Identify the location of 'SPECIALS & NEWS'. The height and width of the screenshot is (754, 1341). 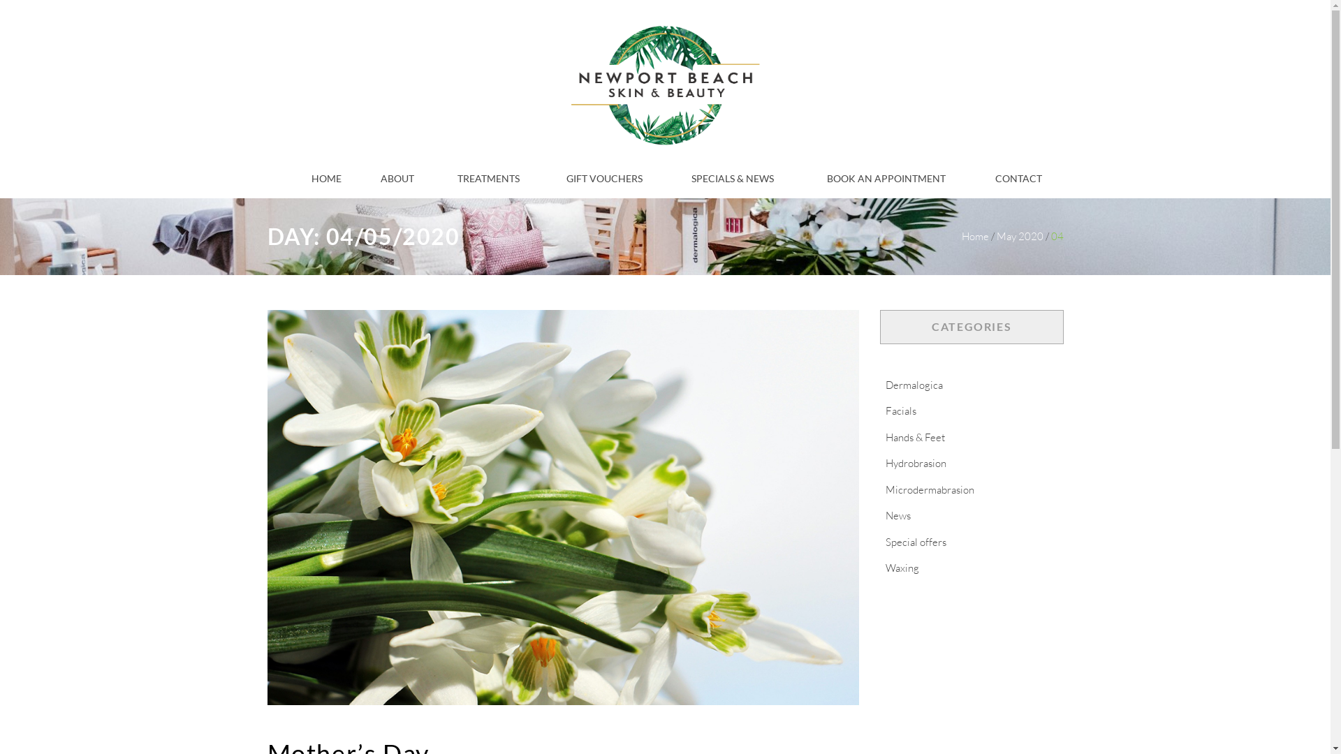
(691, 178).